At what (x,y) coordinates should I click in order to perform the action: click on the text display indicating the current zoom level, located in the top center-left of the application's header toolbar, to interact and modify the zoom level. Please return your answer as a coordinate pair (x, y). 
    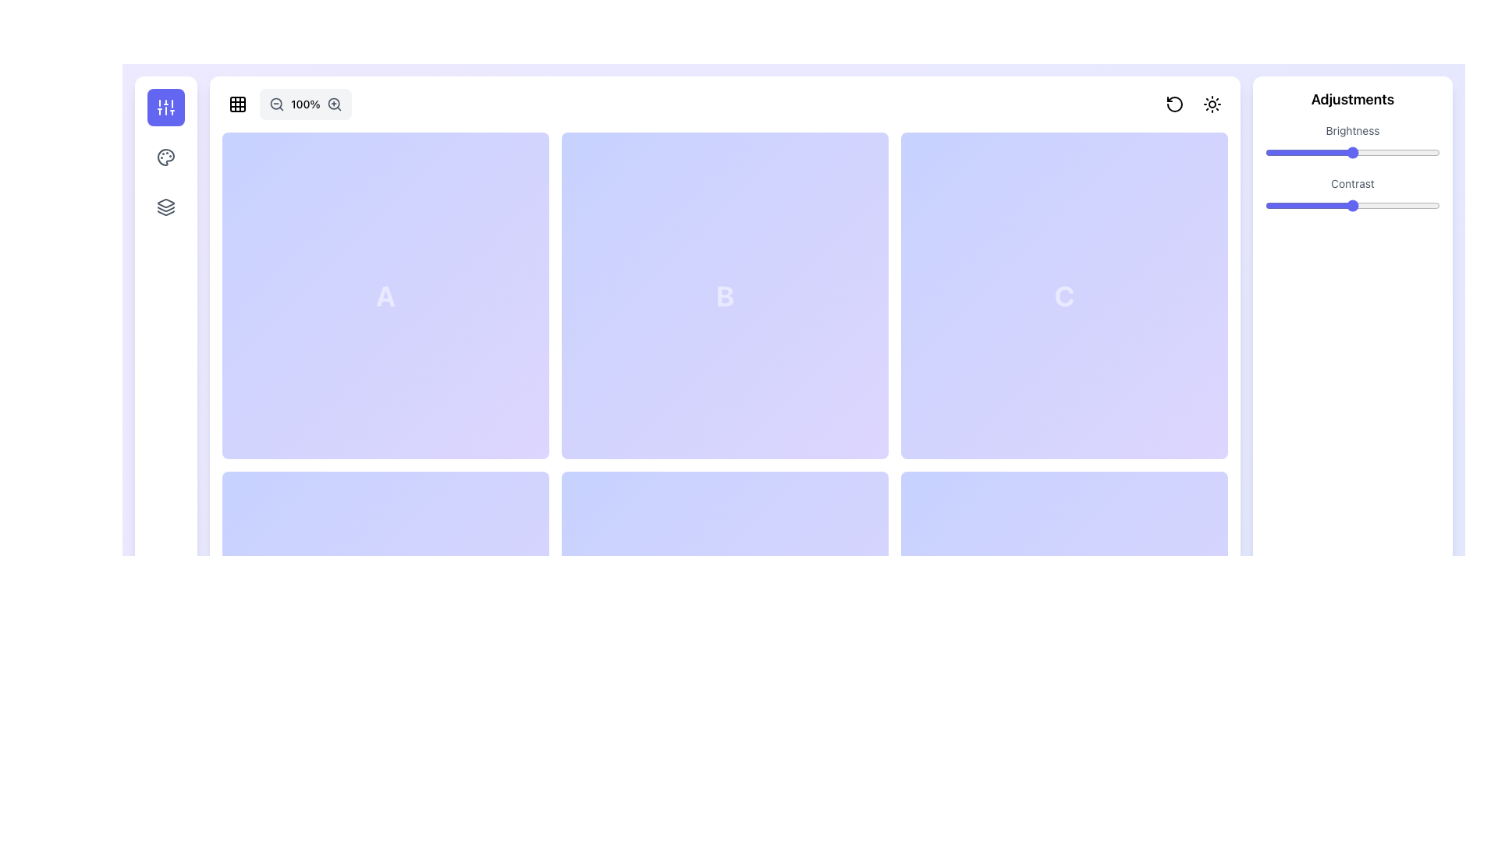
    Looking at the image, I should click on (286, 104).